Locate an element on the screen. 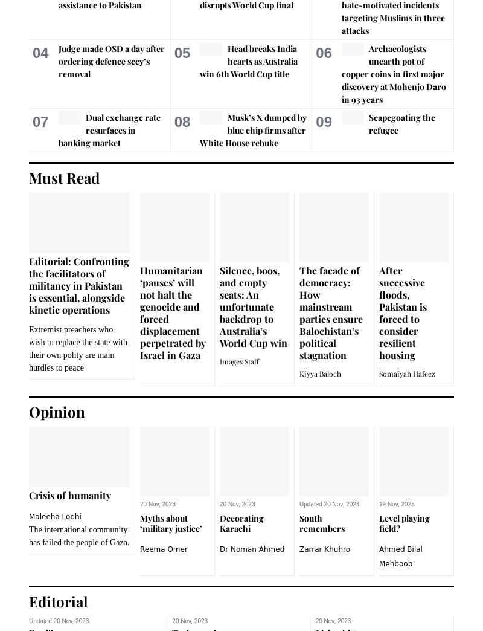  '07' is located at coordinates (40, 121).